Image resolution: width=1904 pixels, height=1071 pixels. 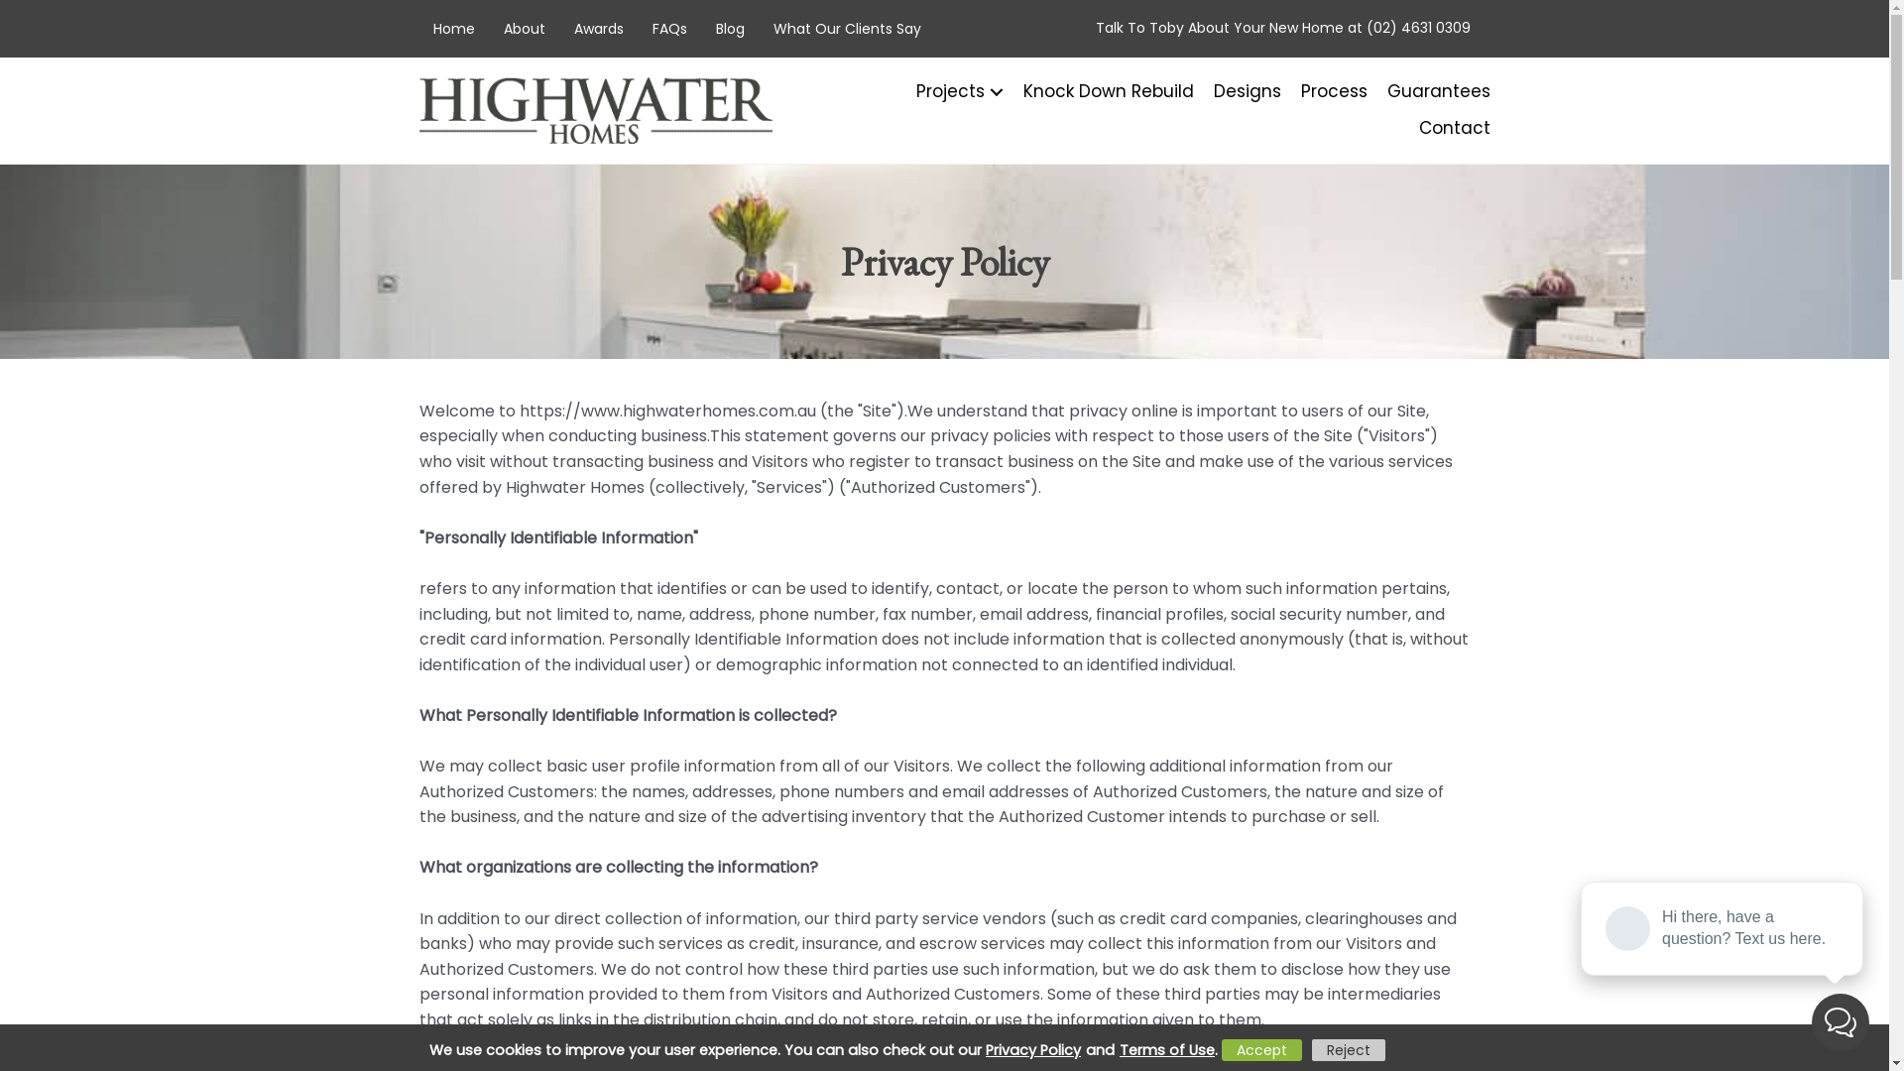 I want to click on 'logo-400', so click(x=594, y=110).